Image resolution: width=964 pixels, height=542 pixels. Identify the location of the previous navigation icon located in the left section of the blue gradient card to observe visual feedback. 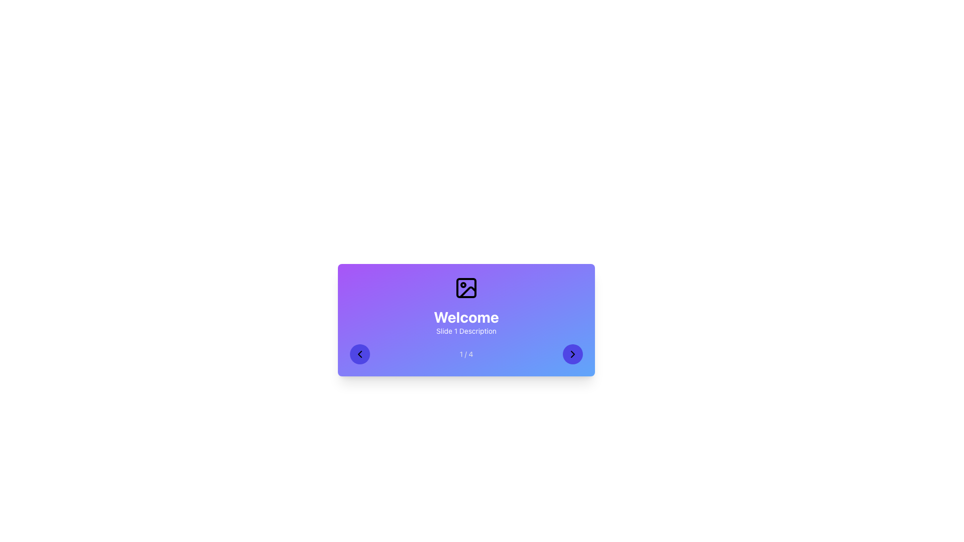
(359, 353).